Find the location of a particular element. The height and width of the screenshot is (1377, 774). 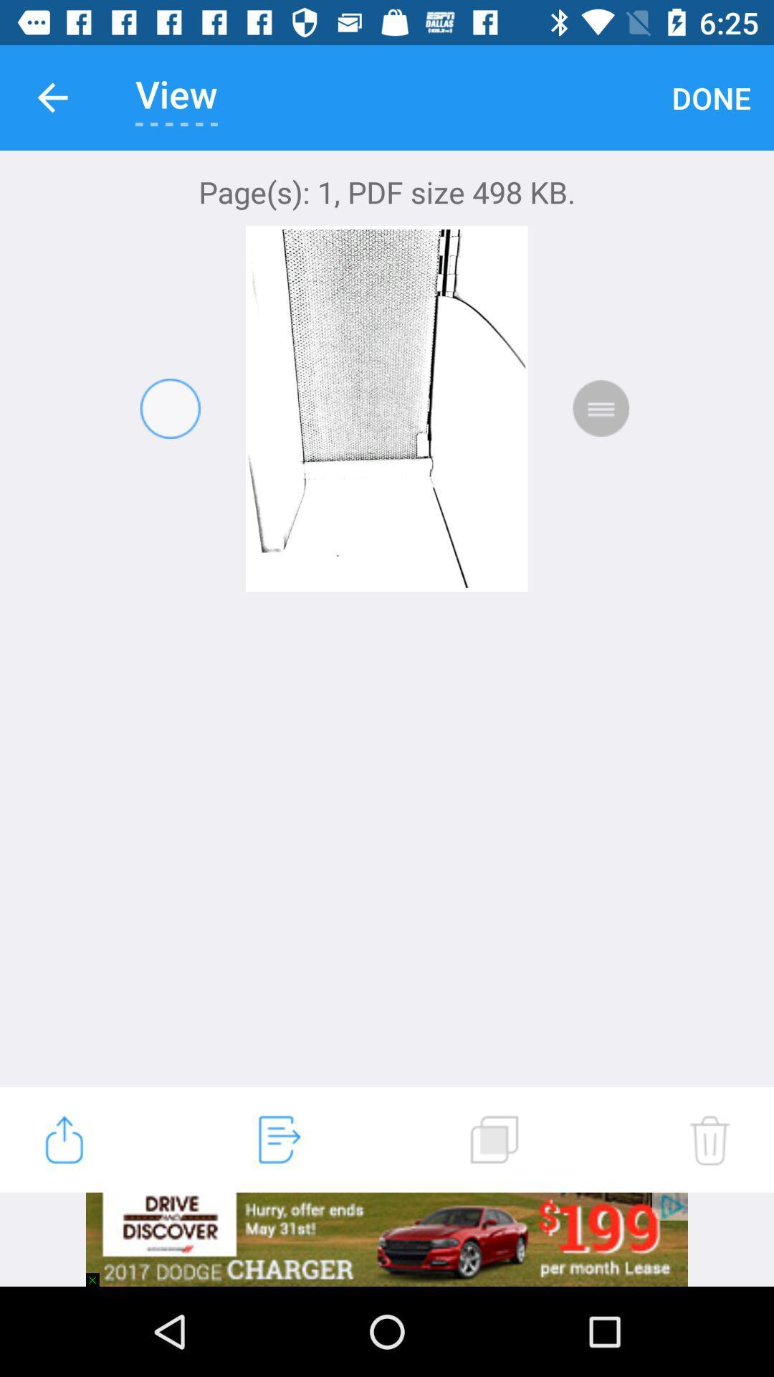

the item to the right of view icon is located at coordinates (711, 97).